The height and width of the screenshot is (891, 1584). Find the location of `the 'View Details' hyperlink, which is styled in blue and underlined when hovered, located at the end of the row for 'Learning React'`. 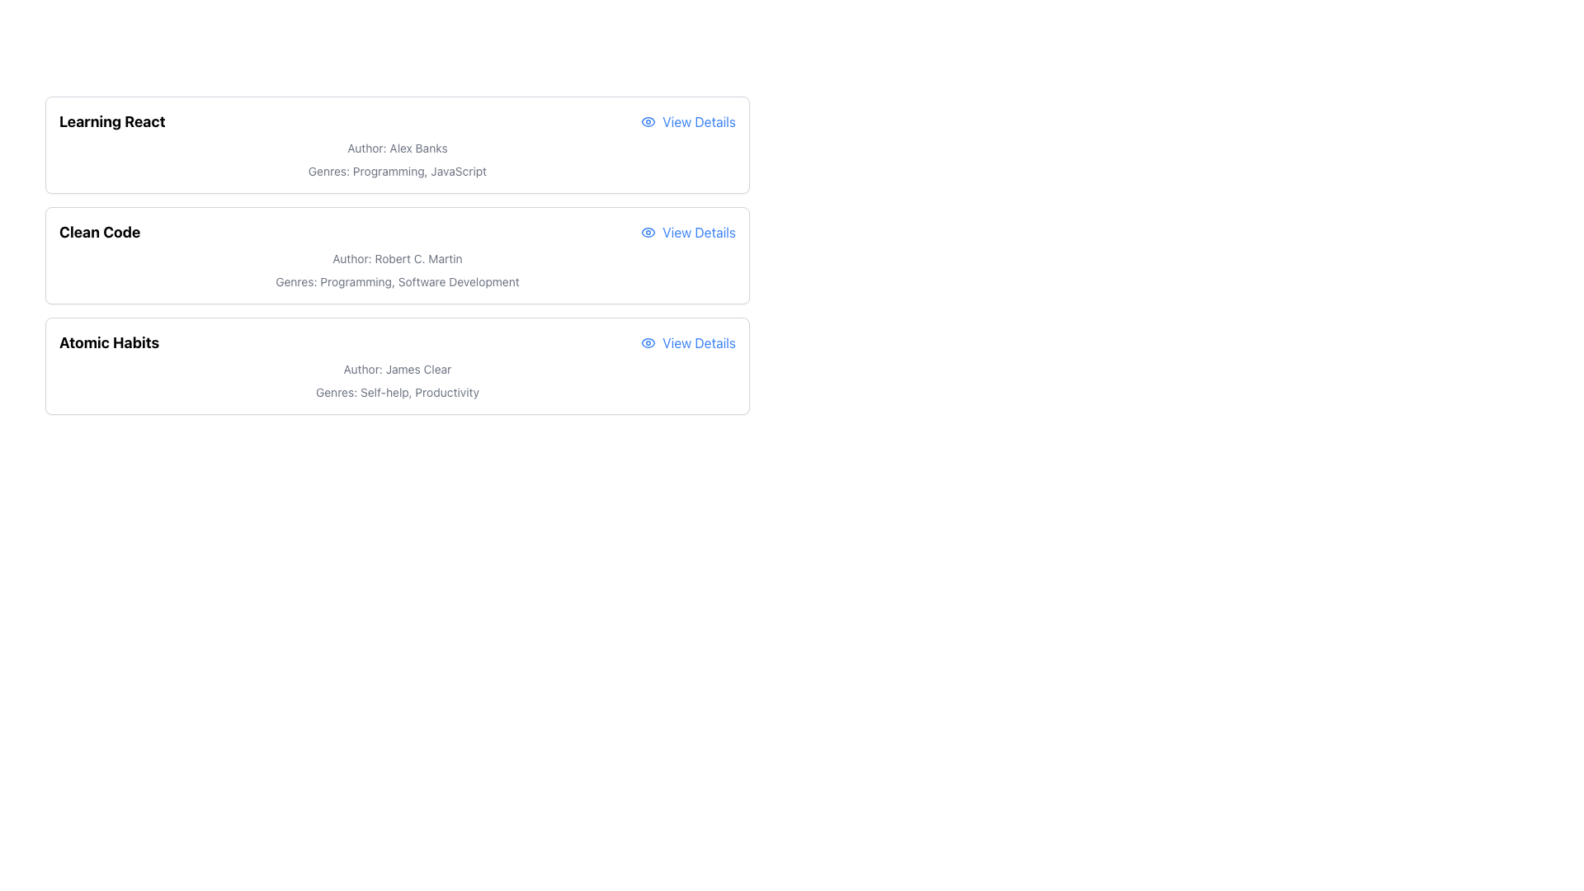

the 'View Details' hyperlink, which is styled in blue and underlined when hovered, located at the end of the row for 'Learning React' is located at coordinates (688, 120).